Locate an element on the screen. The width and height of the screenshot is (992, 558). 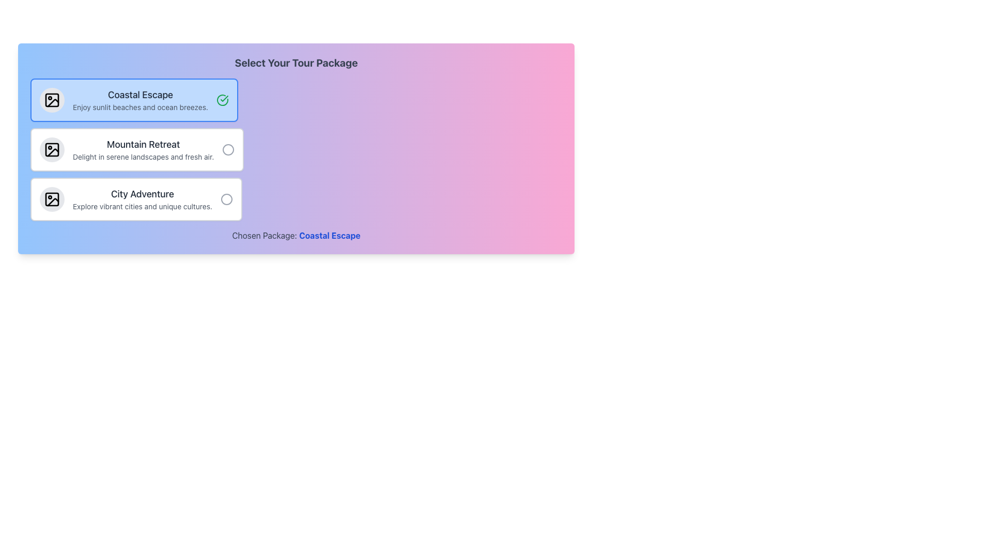
the image placeholder in the 'Coastal Escape' option box, which visually represents an option and is left-aligned near the text description is located at coordinates (51, 100).